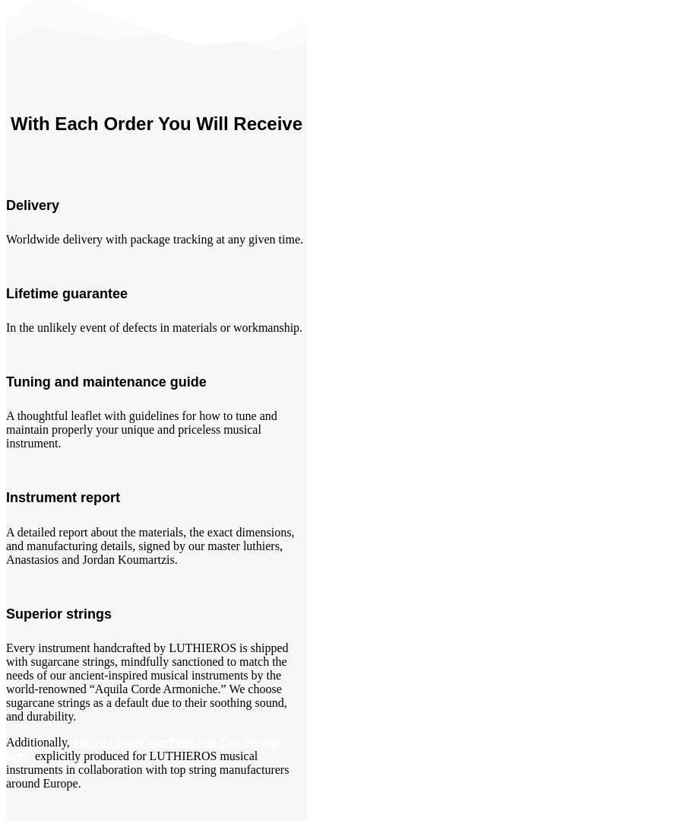  Describe the element at coordinates (65, 291) in the screenshot. I see `'Lifetime guarantee'` at that location.